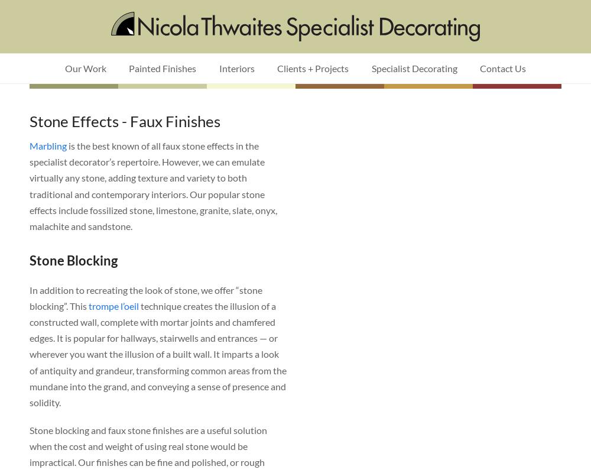 The image size is (591, 476). Describe the element at coordinates (163, 68) in the screenshot. I see `'Painted Finishes'` at that location.